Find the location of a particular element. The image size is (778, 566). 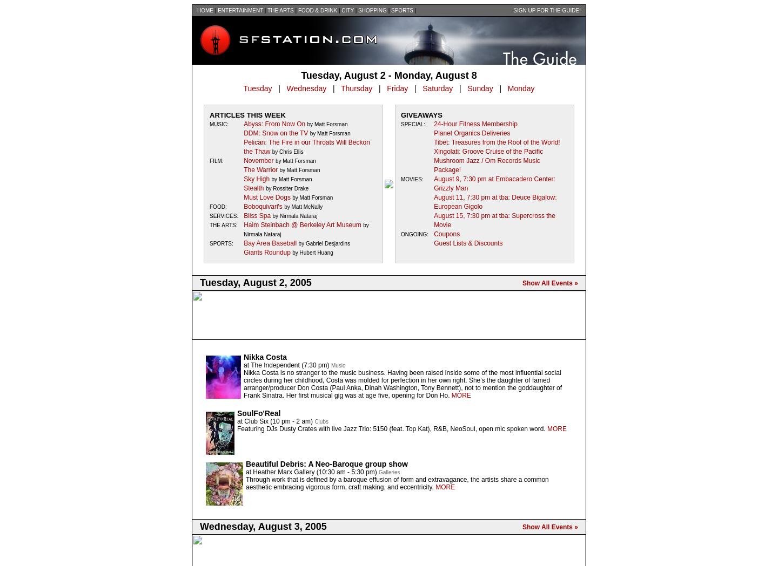

'August 11, 7:30 pm at tba: Deuce Bigalow: European Gigolo' is located at coordinates (495, 202).